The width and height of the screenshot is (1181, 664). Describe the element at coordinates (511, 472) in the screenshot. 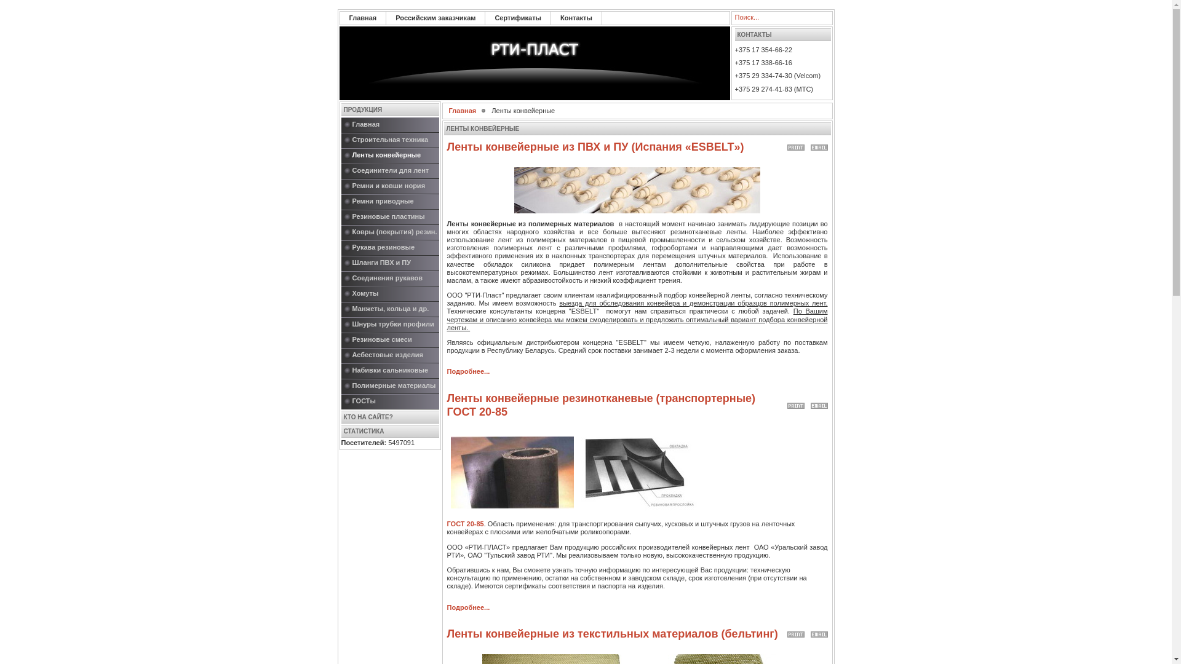

I see `'Image'` at that location.